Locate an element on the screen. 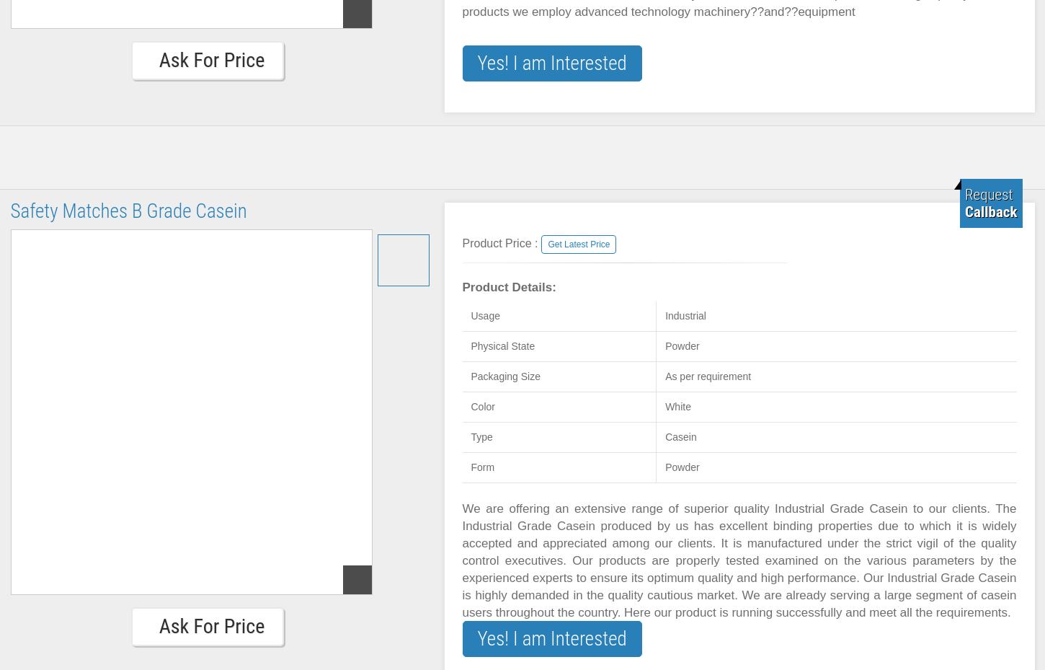  'Request' is located at coordinates (987, 193).